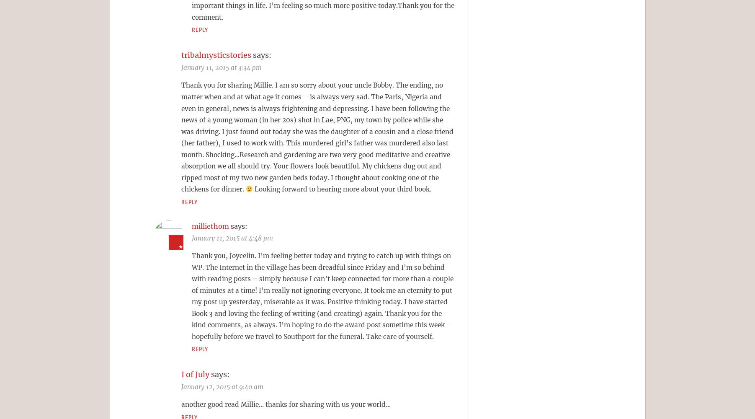 This screenshot has width=755, height=419. I want to click on 'another good read Millie… thanks for sharing with us your world…', so click(285, 404).